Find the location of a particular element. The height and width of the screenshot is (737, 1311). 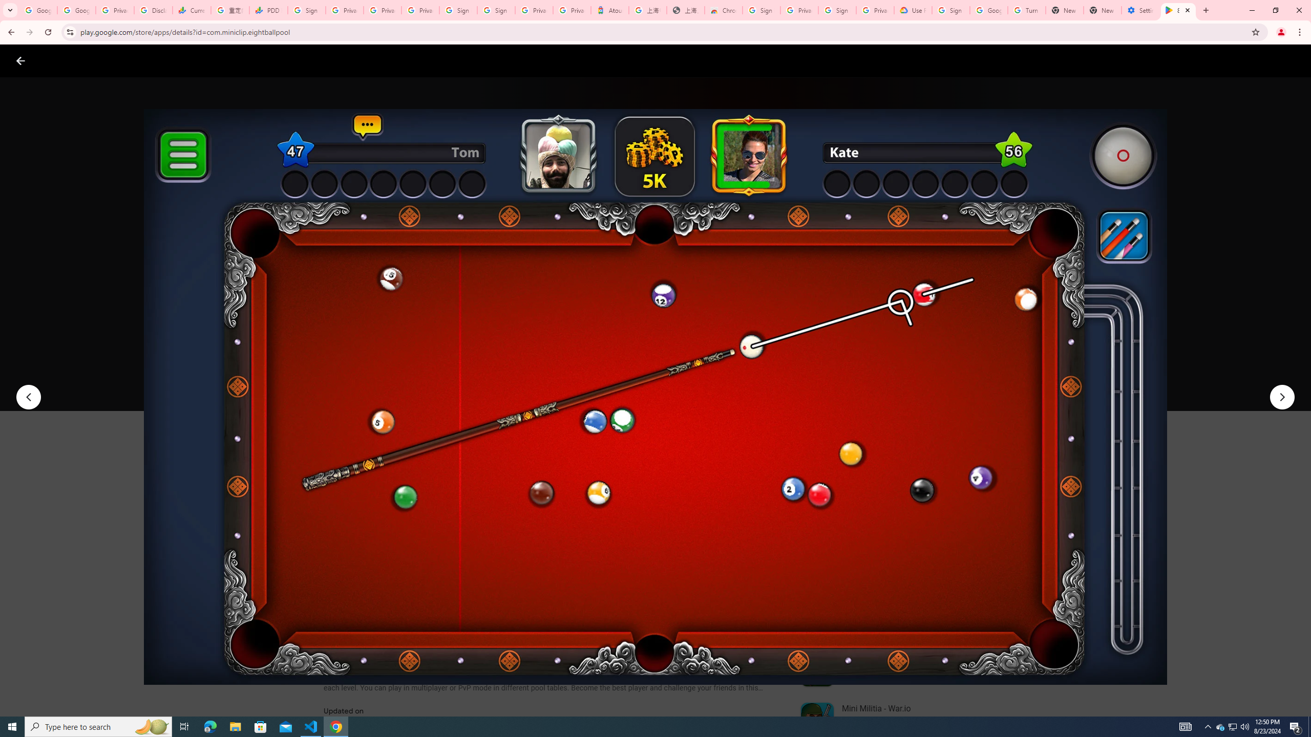

'Chrome Web Store - Color themes by Chrome' is located at coordinates (724, 10).